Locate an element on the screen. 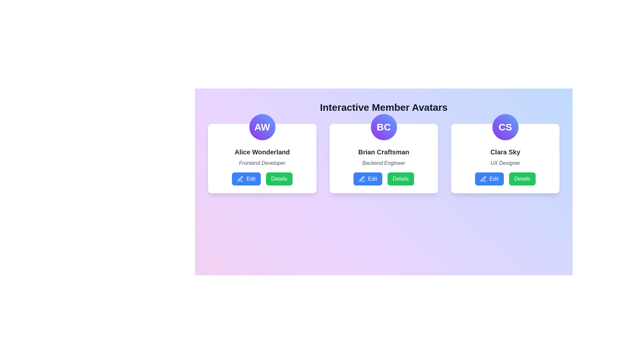 This screenshot has width=629, height=354. the text label displaying 'Brian Craftsman', which is styled as a bold heading in dark gray, located in the middle card beneath the avatar 'BC' is located at coordinates (384, 152).